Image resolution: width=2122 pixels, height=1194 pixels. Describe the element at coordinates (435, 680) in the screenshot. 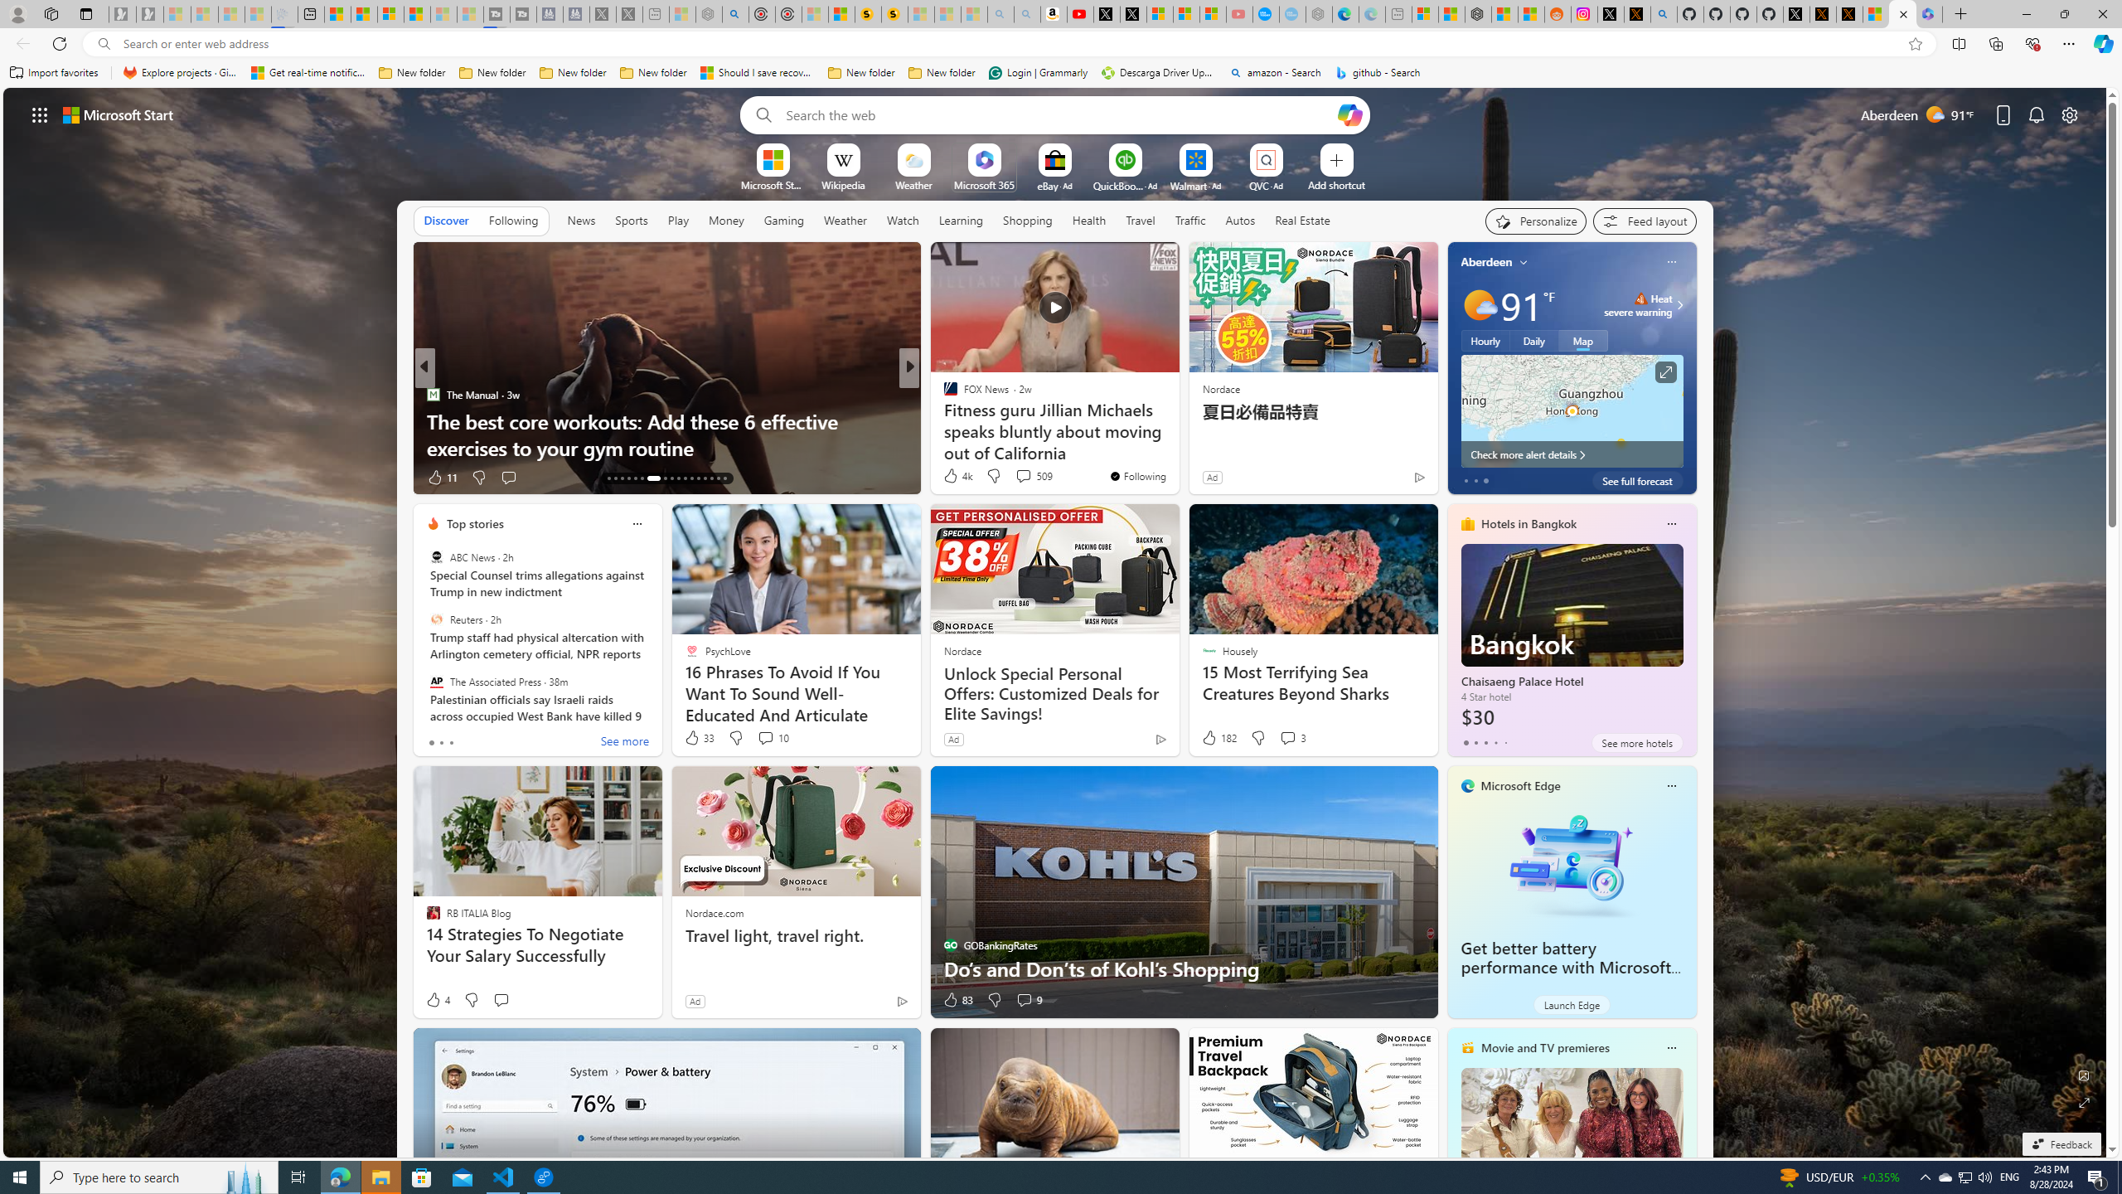

I see `'The Associated Press'` at that location.